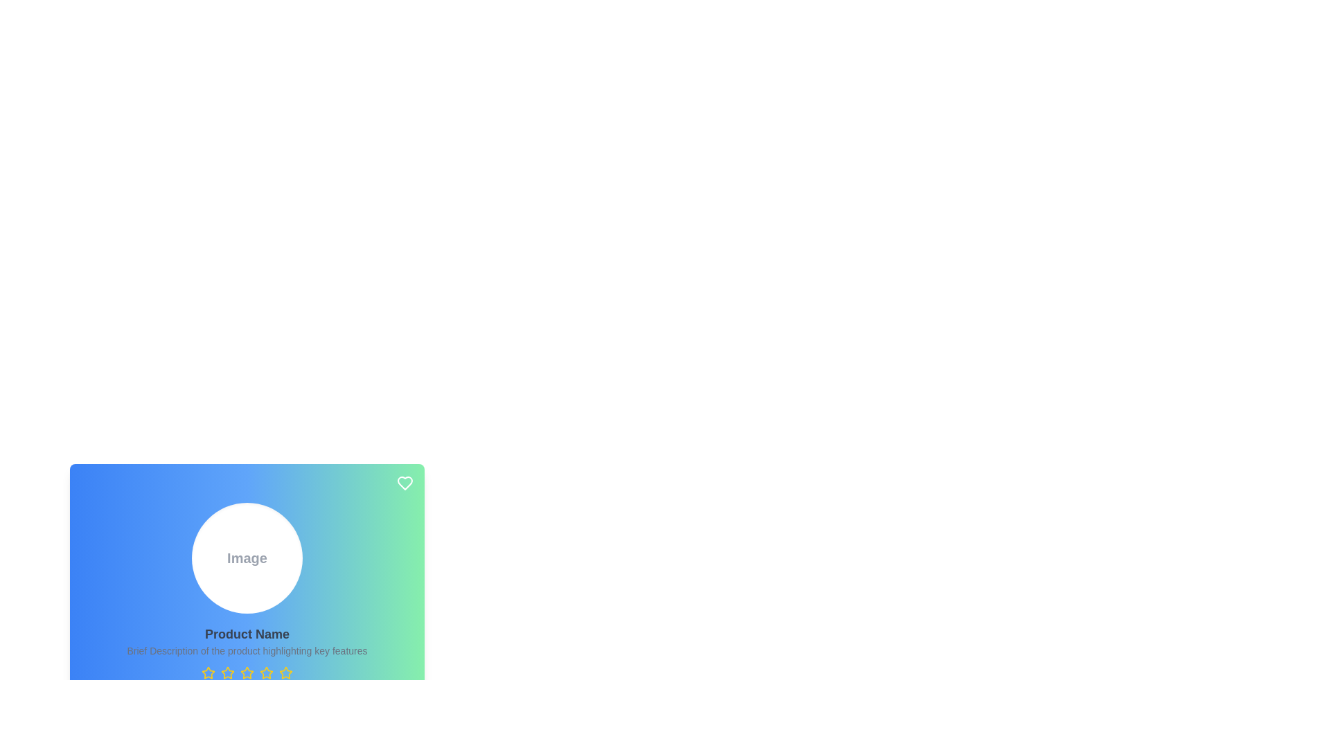  Describe the element at coordinates (228, 672) in the screenshot. I see `the second star icon in the rating component` at that location.